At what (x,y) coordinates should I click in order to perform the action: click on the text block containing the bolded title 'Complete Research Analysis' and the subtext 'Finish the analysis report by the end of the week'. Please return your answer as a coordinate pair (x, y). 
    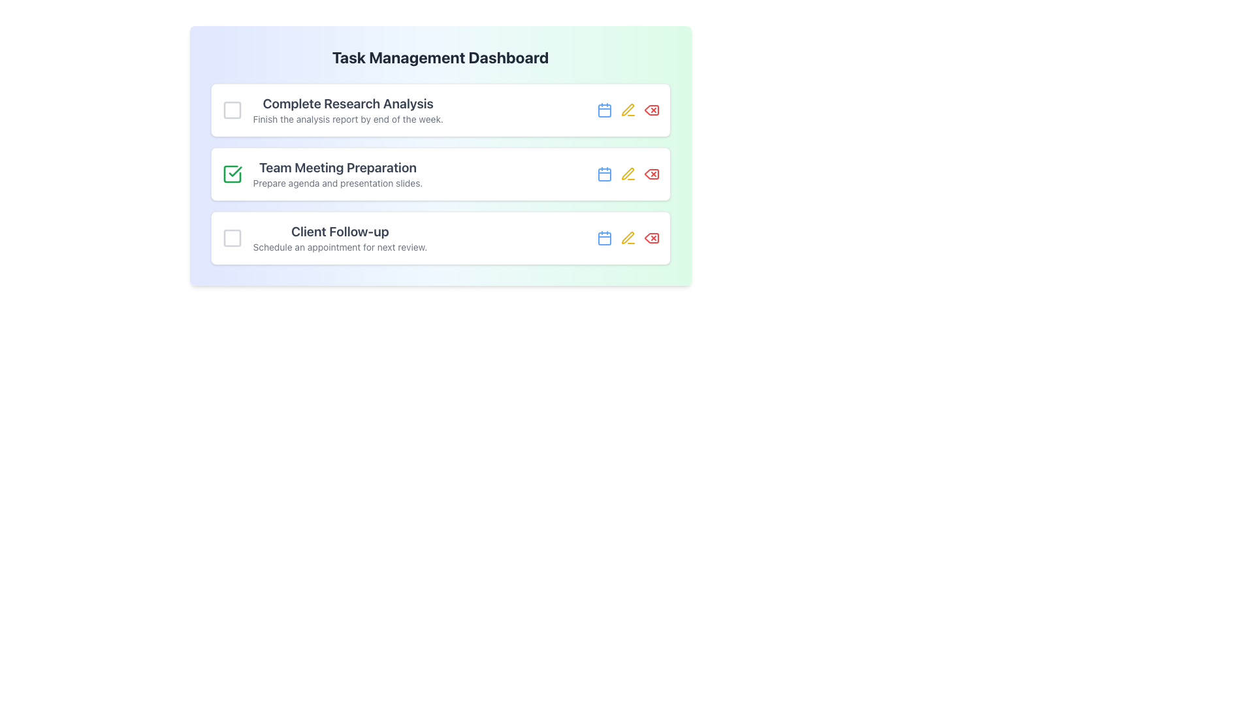
    Looking at the image, I should click on (348, 110).